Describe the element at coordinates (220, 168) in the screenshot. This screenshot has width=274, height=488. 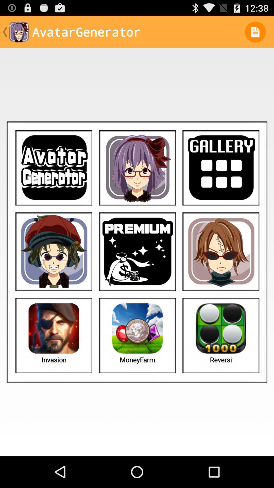
I see `the image` at that location.